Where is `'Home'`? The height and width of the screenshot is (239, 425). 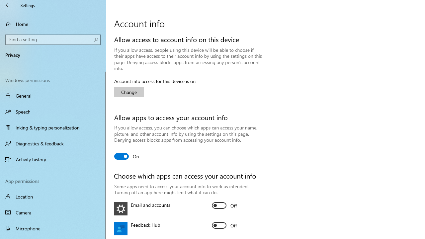
'Home' is located at coordinates (53, 24).